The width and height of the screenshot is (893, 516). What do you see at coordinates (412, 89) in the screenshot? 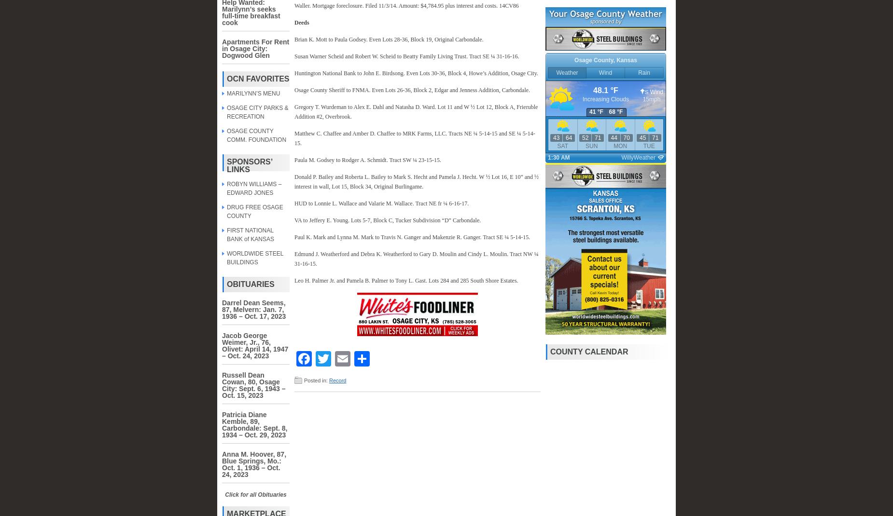
I see `'Osage County Sheriff to FNMA. Even Lots 26-36, Block 2, Edgar and Jenness Addition, Carbondale.'` at bounding box center [412, 89].